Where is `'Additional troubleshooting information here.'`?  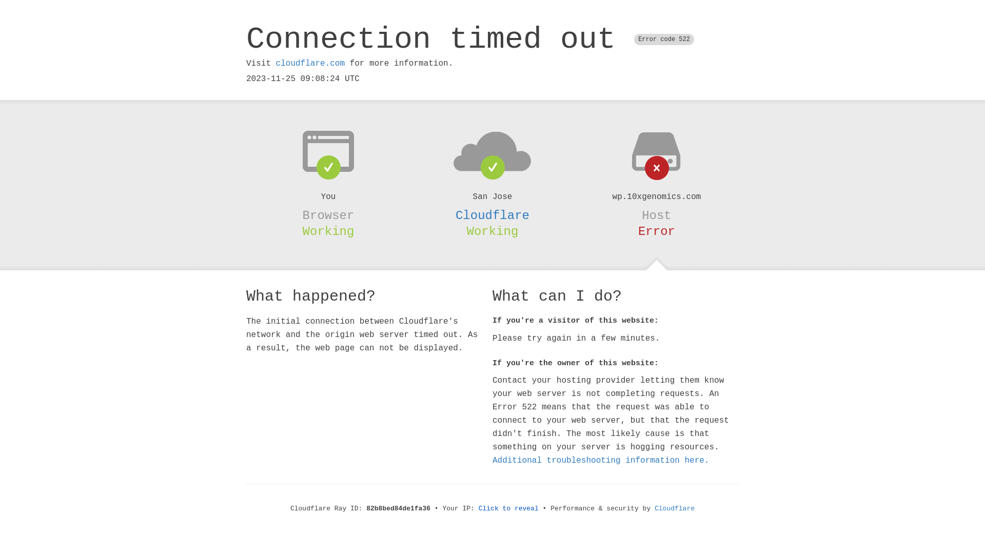 'Additional troubleshooting information here.' is located at coordinates (601, 460).